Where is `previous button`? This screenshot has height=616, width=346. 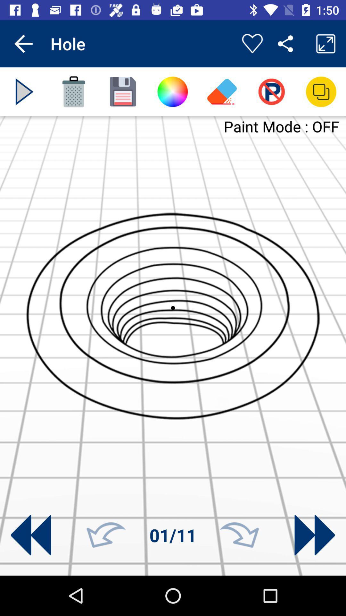 previous button is located at coordinates (31, 535).